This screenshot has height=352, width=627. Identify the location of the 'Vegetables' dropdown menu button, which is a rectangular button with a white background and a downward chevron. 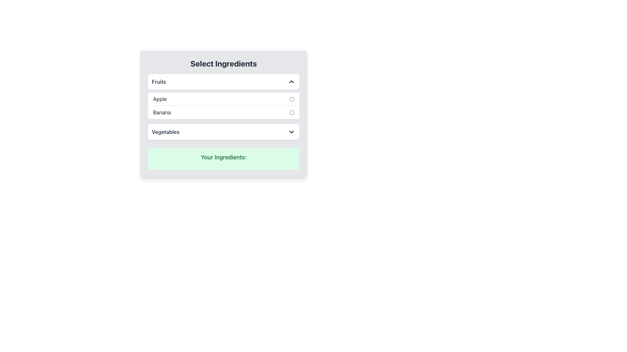
(224, 132).